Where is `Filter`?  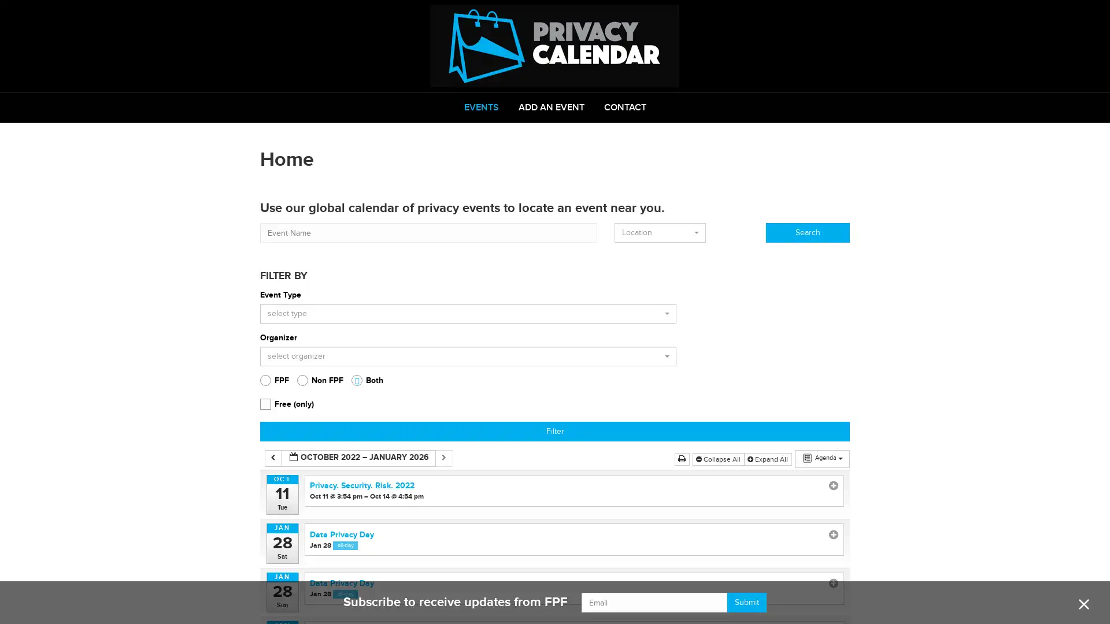
Filter is located at coordinates (555, 432).